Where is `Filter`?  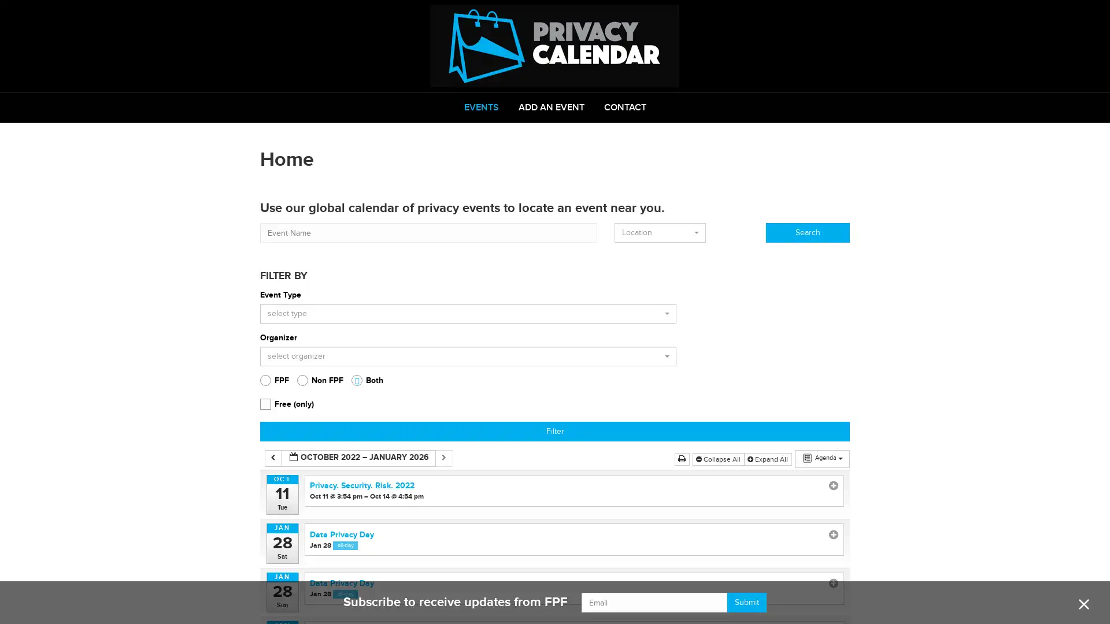
Filter is located at coordinates (555, 432).